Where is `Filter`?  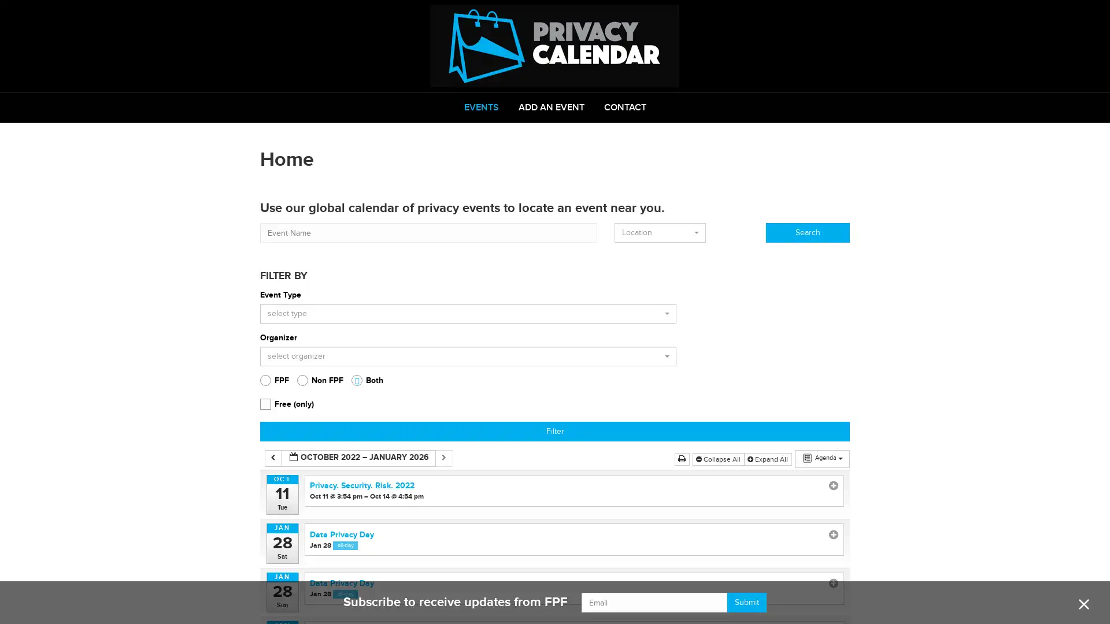
Filter is located at coordinates (555, 432).